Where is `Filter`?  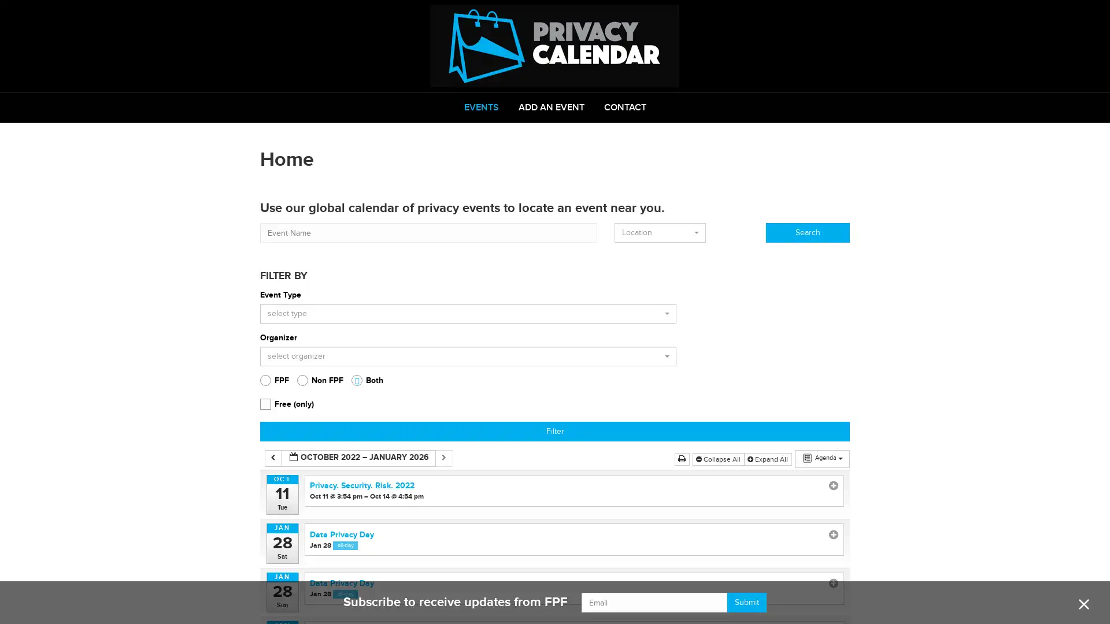
Filter is located at coordinates (555, 432).